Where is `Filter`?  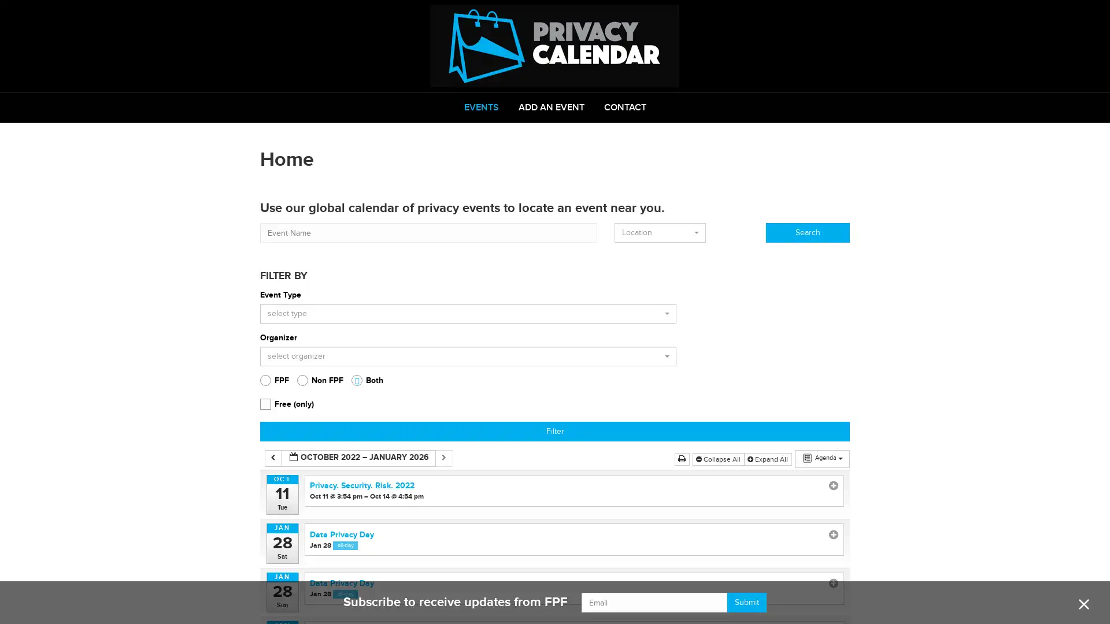
Filter is located at coordinates (555, 432).